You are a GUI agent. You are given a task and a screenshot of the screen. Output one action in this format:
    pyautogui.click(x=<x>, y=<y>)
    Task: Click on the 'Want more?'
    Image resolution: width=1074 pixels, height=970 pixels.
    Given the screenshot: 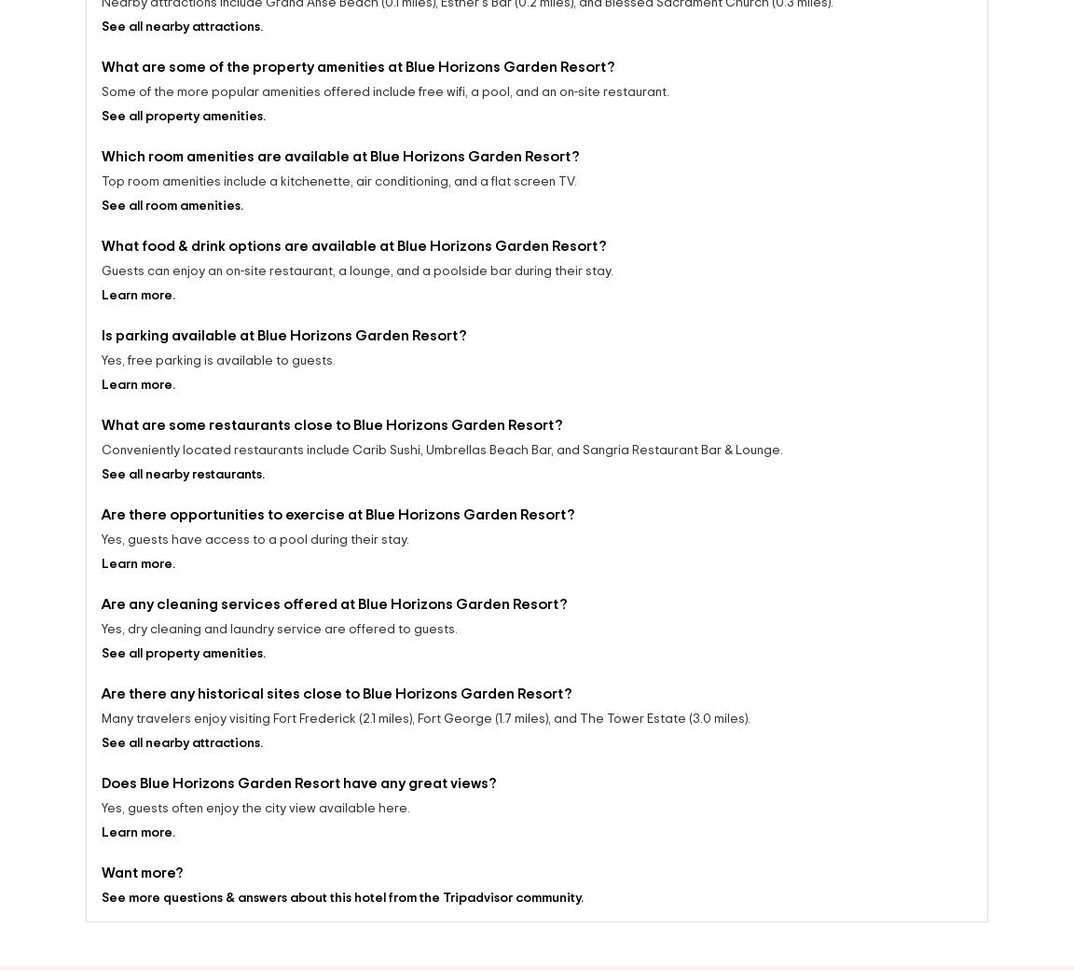 What is the action you would take?
    pyautogui.click(x=142, y=877)
    